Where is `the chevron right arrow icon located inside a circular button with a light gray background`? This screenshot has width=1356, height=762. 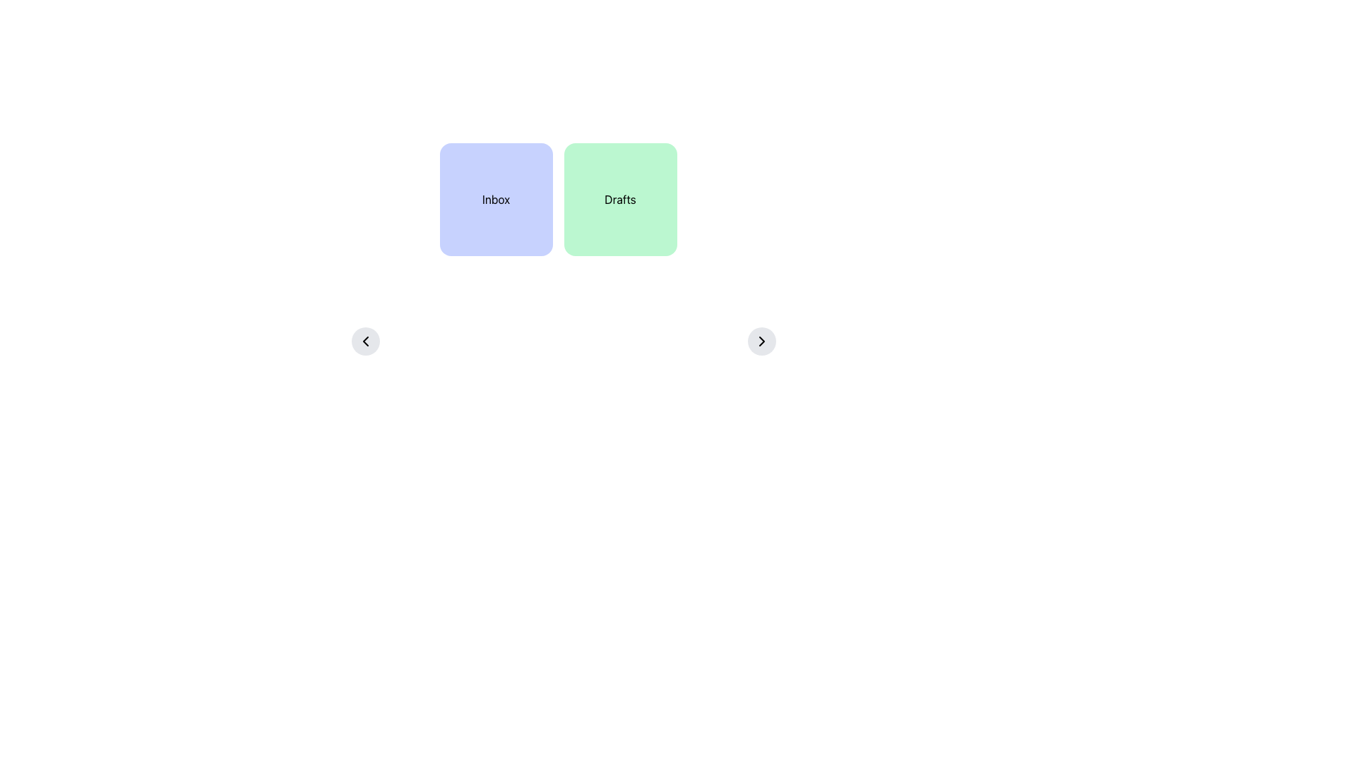 the chevron right arrow icon located inside a circular button with a light gray background is located at coordinates (761, 341).